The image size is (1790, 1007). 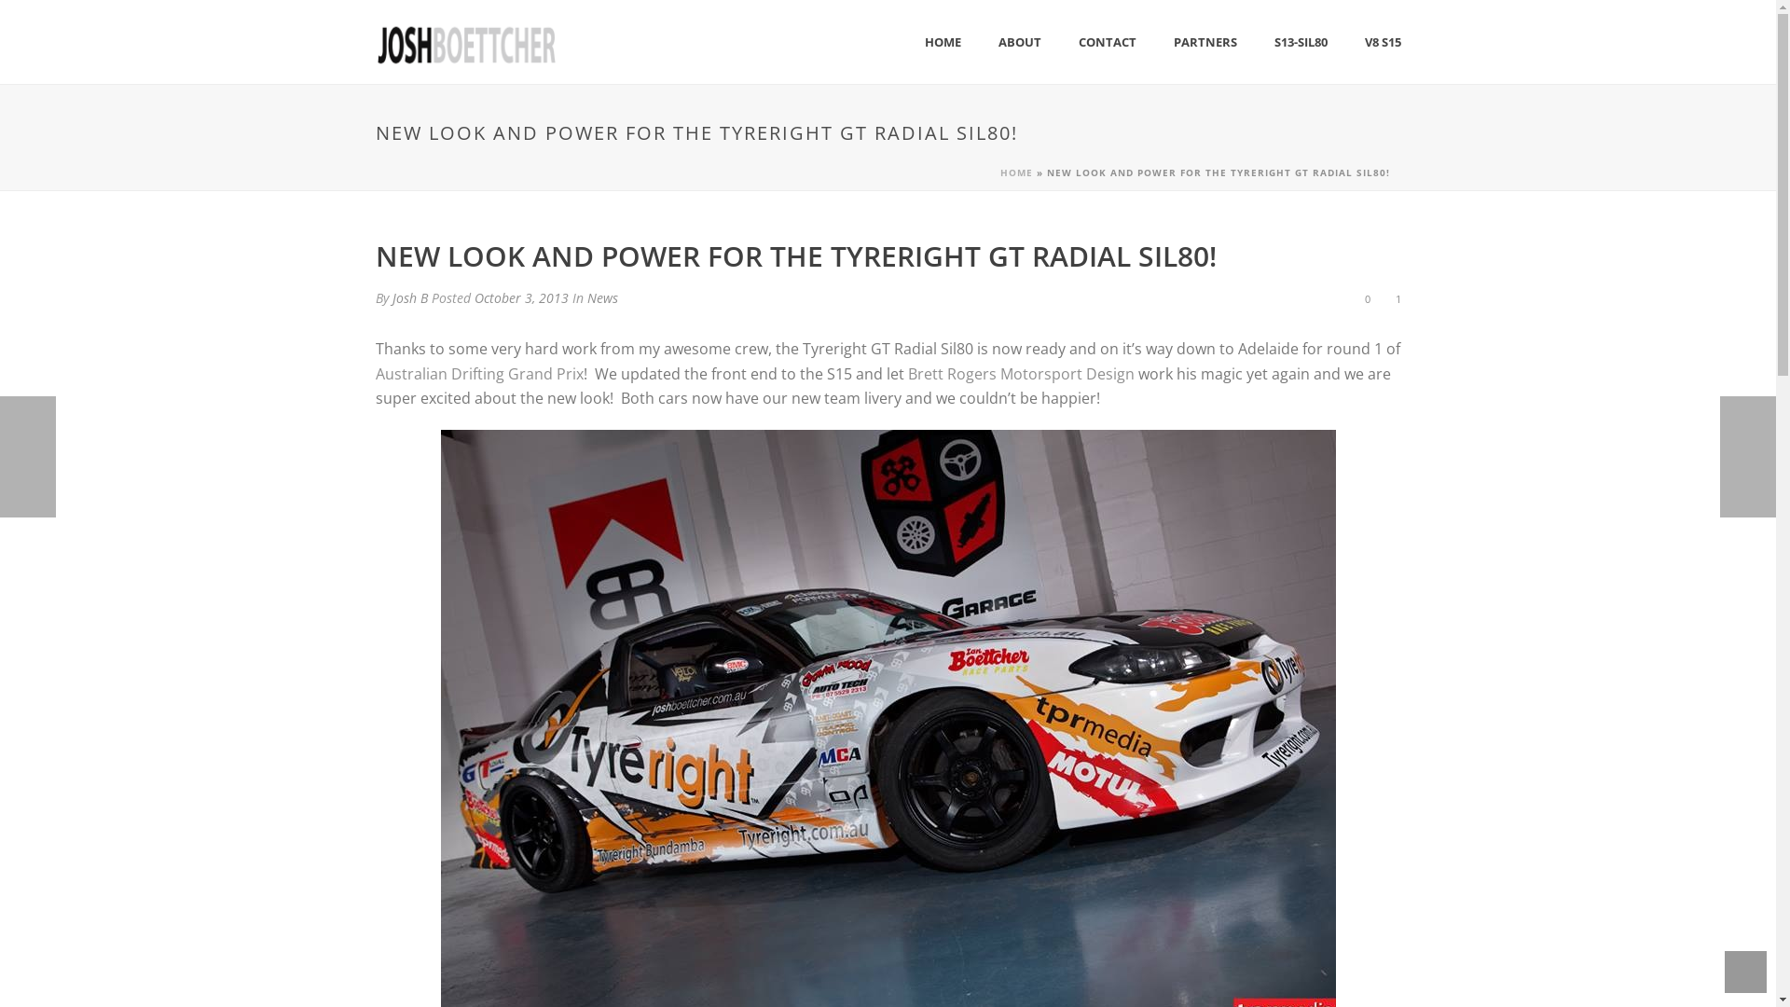 What do you see at coordinates (1059, 42) in the screenshot?
I see `'CONTACT'` at bounding box center [1059, 42].